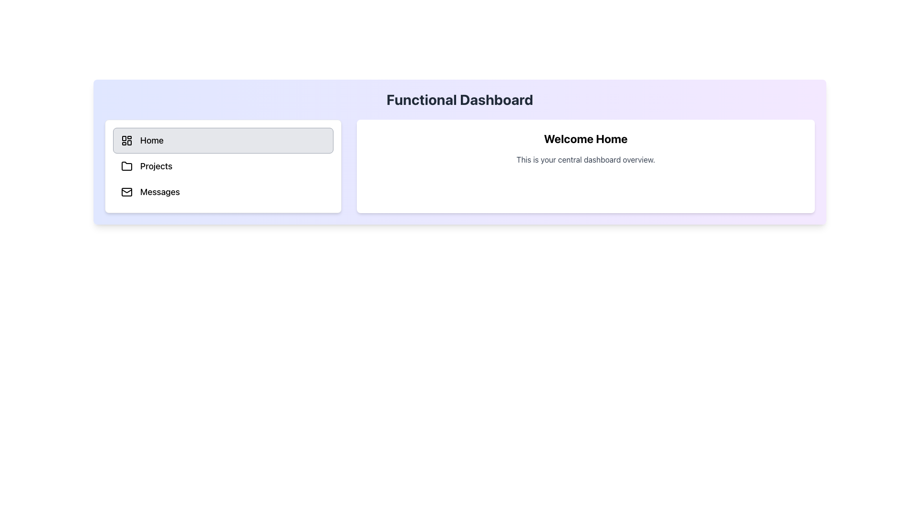 The height and width of the screenshot is (515, 916). What do you see at coordinates (222, 140) in the screenshot?
I see `the first button in the left panel that navigates to the 'Home' section of the application` at bounding box center [222, 140].